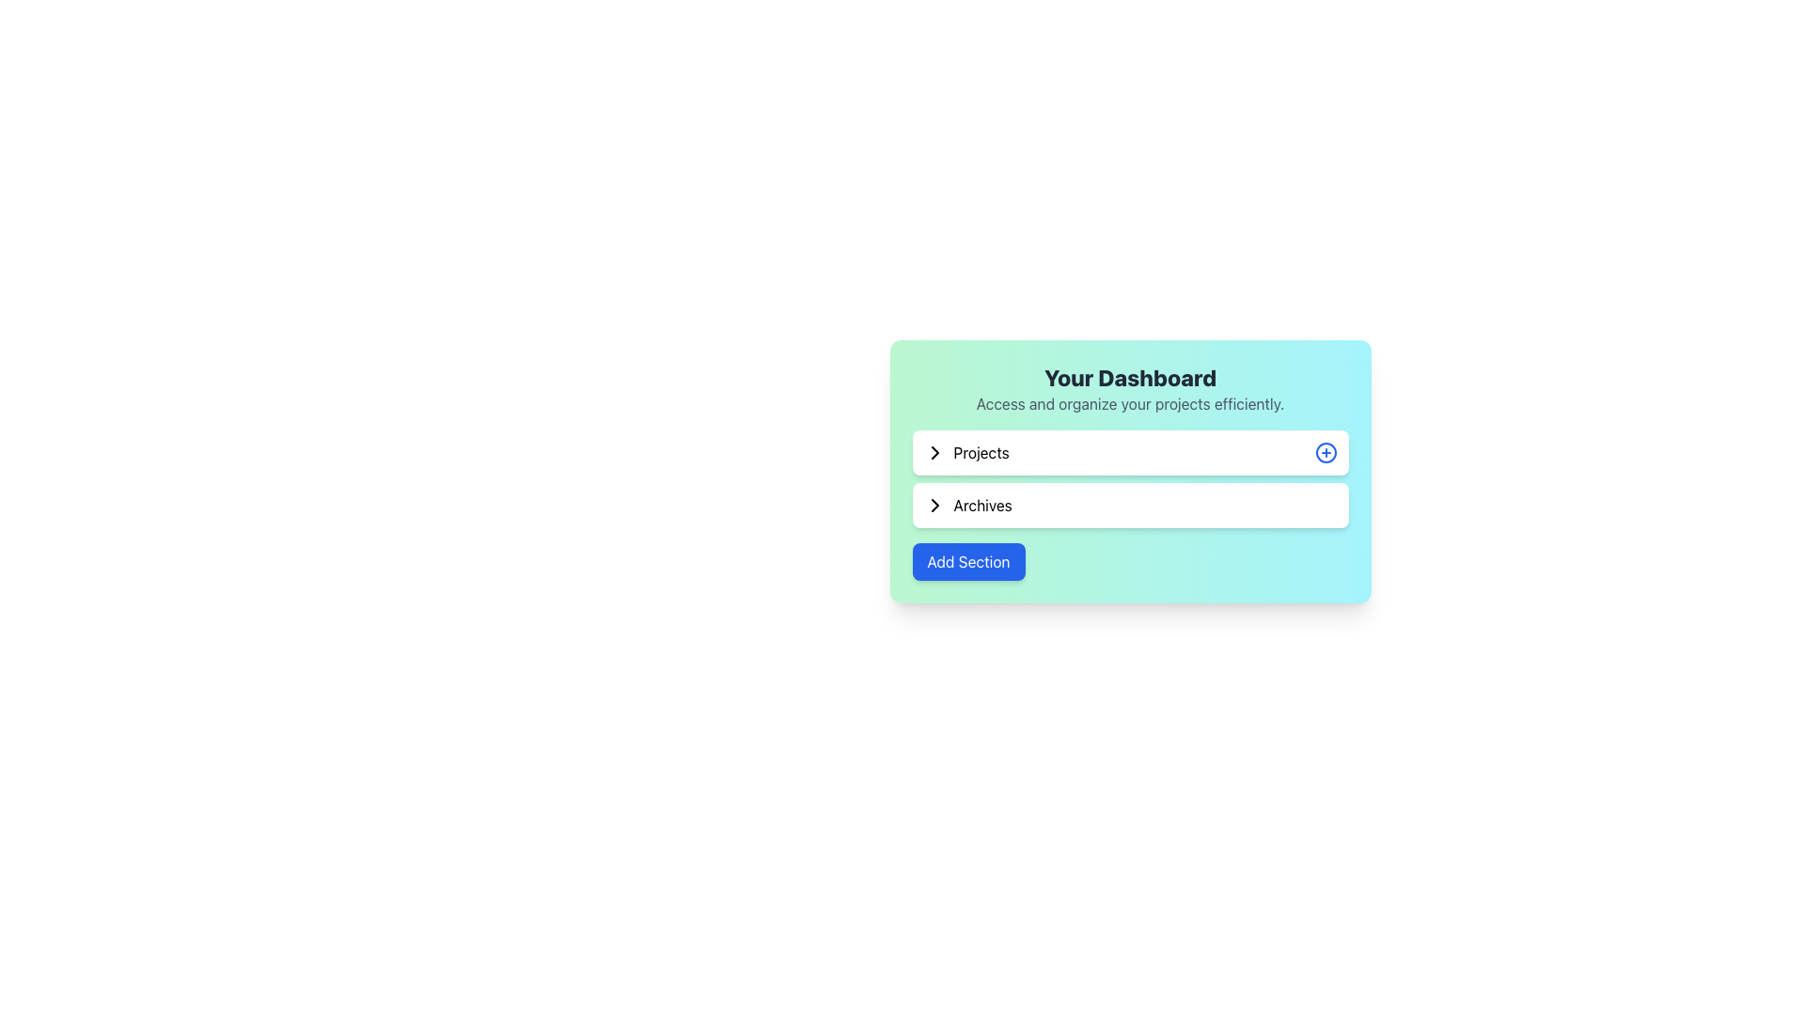  Describe the element at coordinates (1325, 453) in the screenshot. I see `the circular icon with a blue outline and a cross inside it, located in the top-right corner of the 'Projects' section` at that location.